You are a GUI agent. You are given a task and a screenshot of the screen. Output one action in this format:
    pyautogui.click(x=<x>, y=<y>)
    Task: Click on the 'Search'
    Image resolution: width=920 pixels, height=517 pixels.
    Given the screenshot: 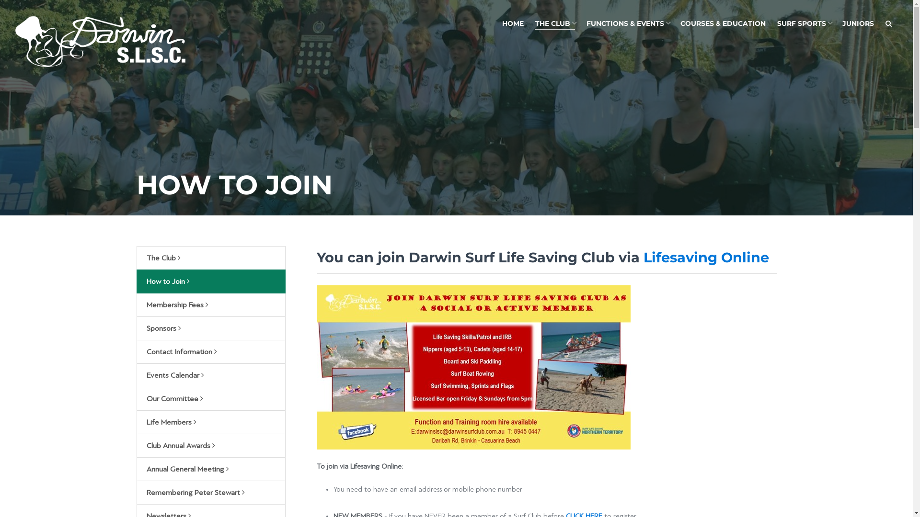 What is the action you would take?
    pyautogui.click(x=888, y=23)
    